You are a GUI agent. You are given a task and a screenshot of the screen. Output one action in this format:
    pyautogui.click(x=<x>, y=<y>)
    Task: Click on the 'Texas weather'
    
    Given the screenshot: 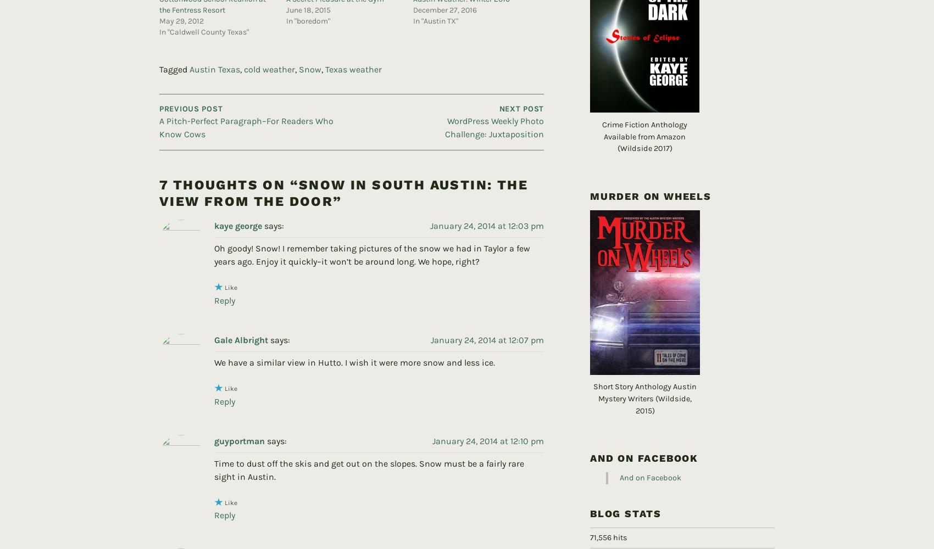 What is the action you would take?
    pyautogui.click(x=353, y=51)
    